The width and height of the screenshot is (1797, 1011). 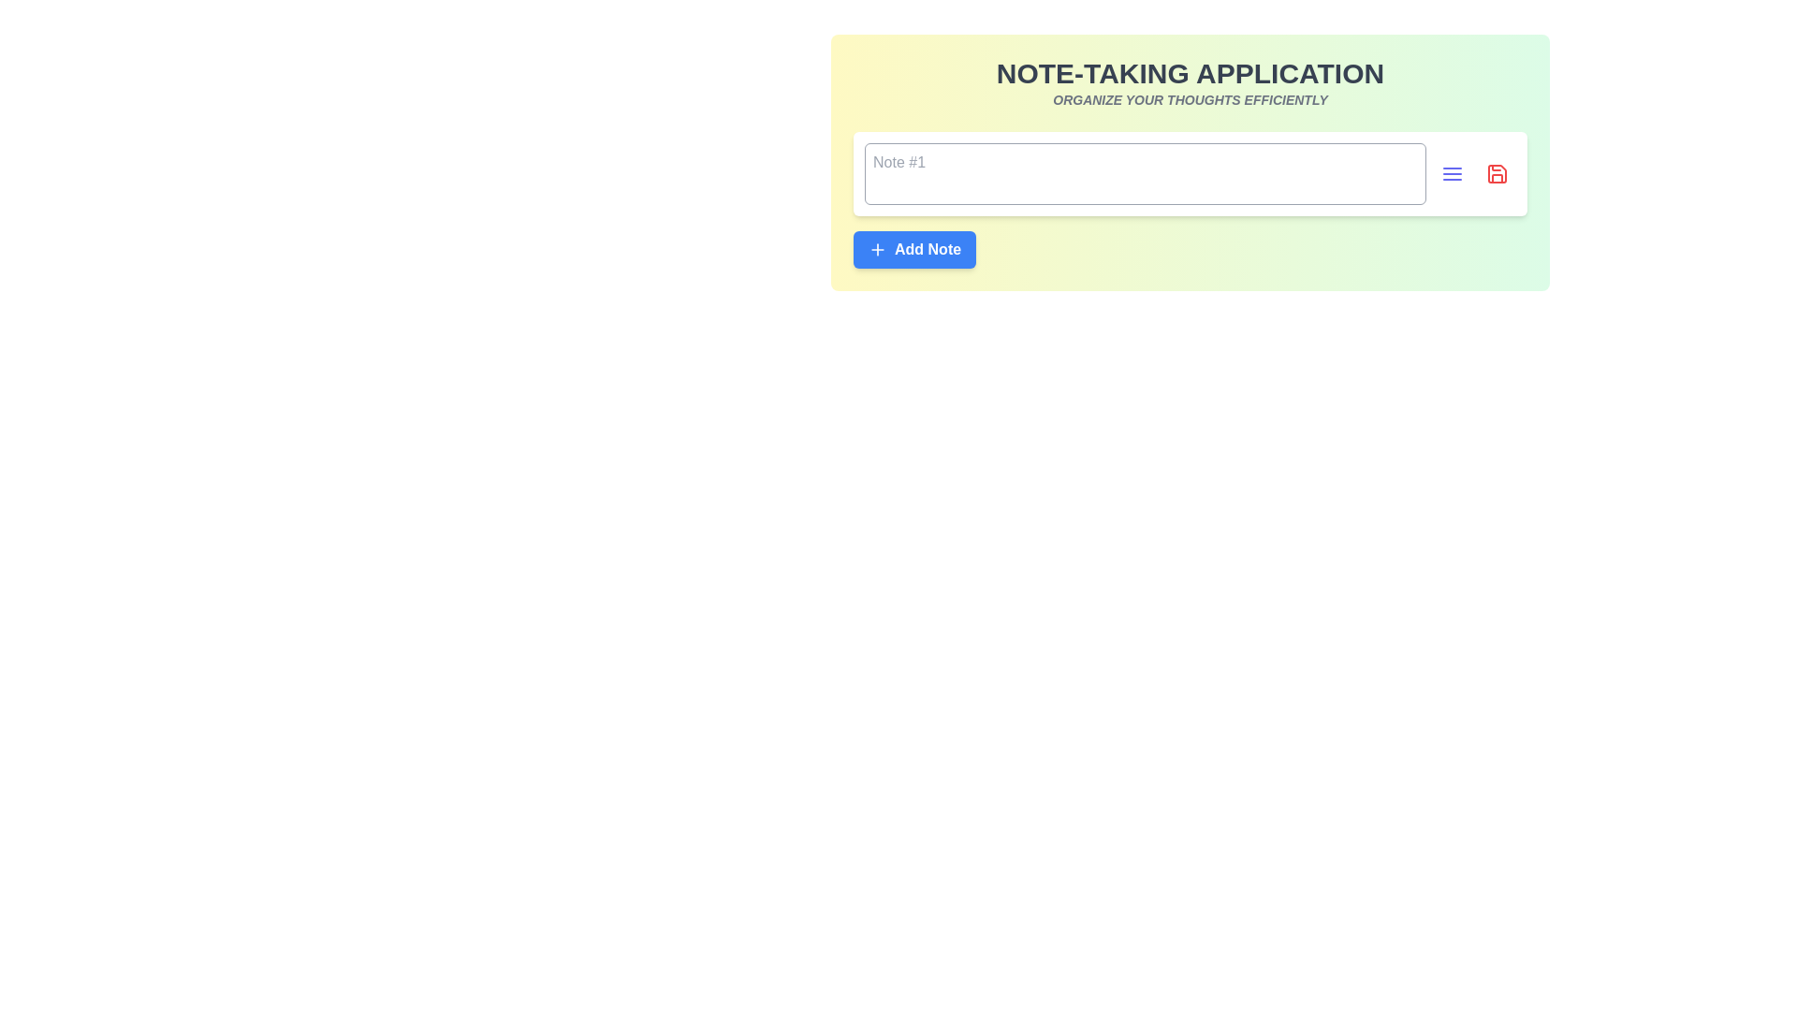 What do you see at coordinates (1451, 173) in the screenshot?
I see `the alignment icon` at bounding box center [1451, 173].